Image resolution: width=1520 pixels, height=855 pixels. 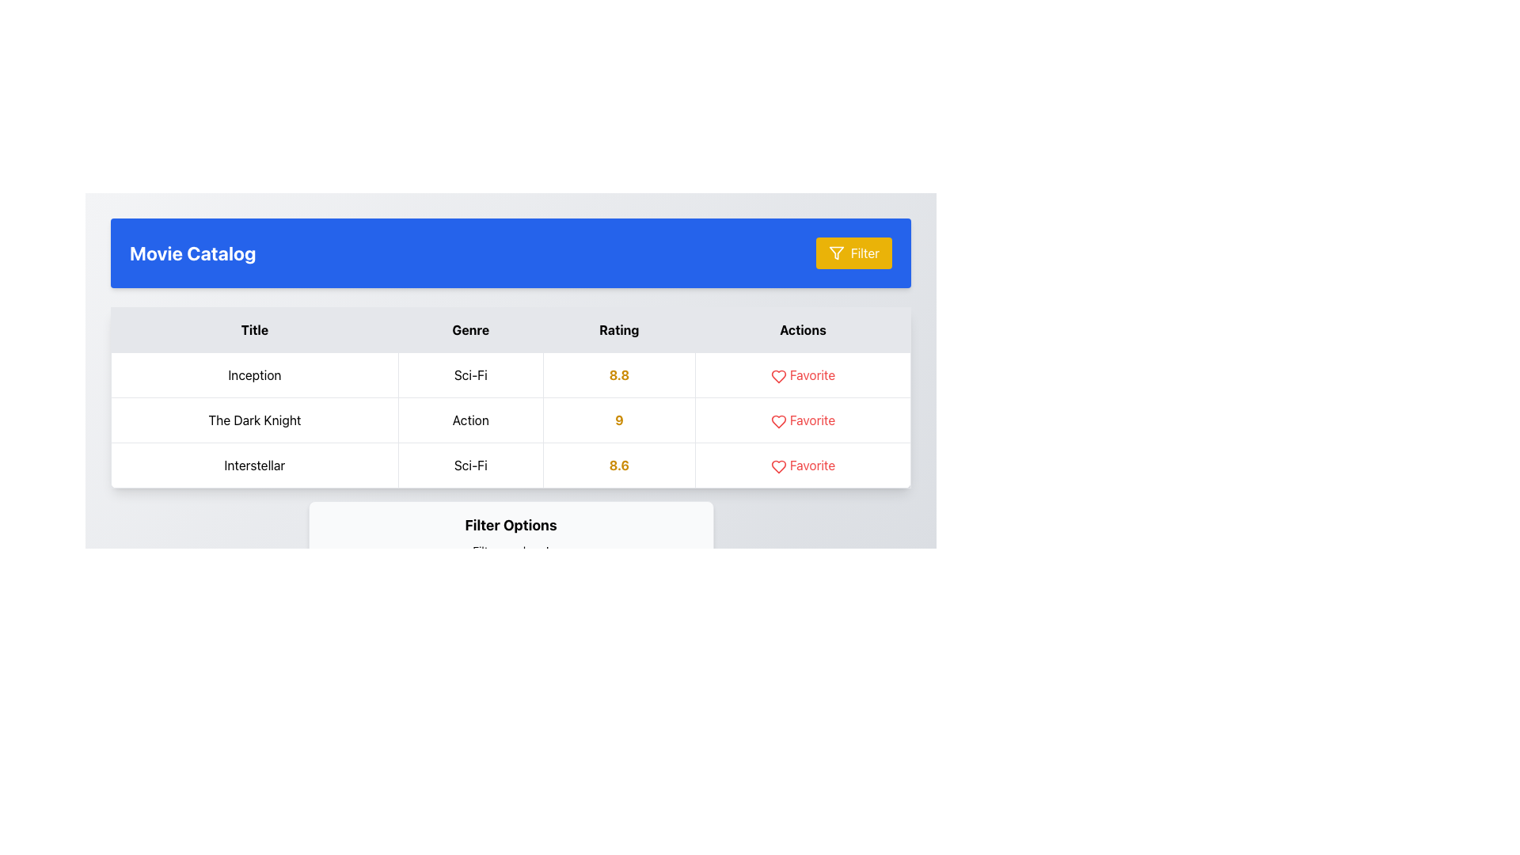 What do you see at coordinates (618, 420) in the screenshot?
I see `the rating score display for the movie 'The Dark Knight' located in the 'Rating' column of the table` at bounding box center [618, 420].